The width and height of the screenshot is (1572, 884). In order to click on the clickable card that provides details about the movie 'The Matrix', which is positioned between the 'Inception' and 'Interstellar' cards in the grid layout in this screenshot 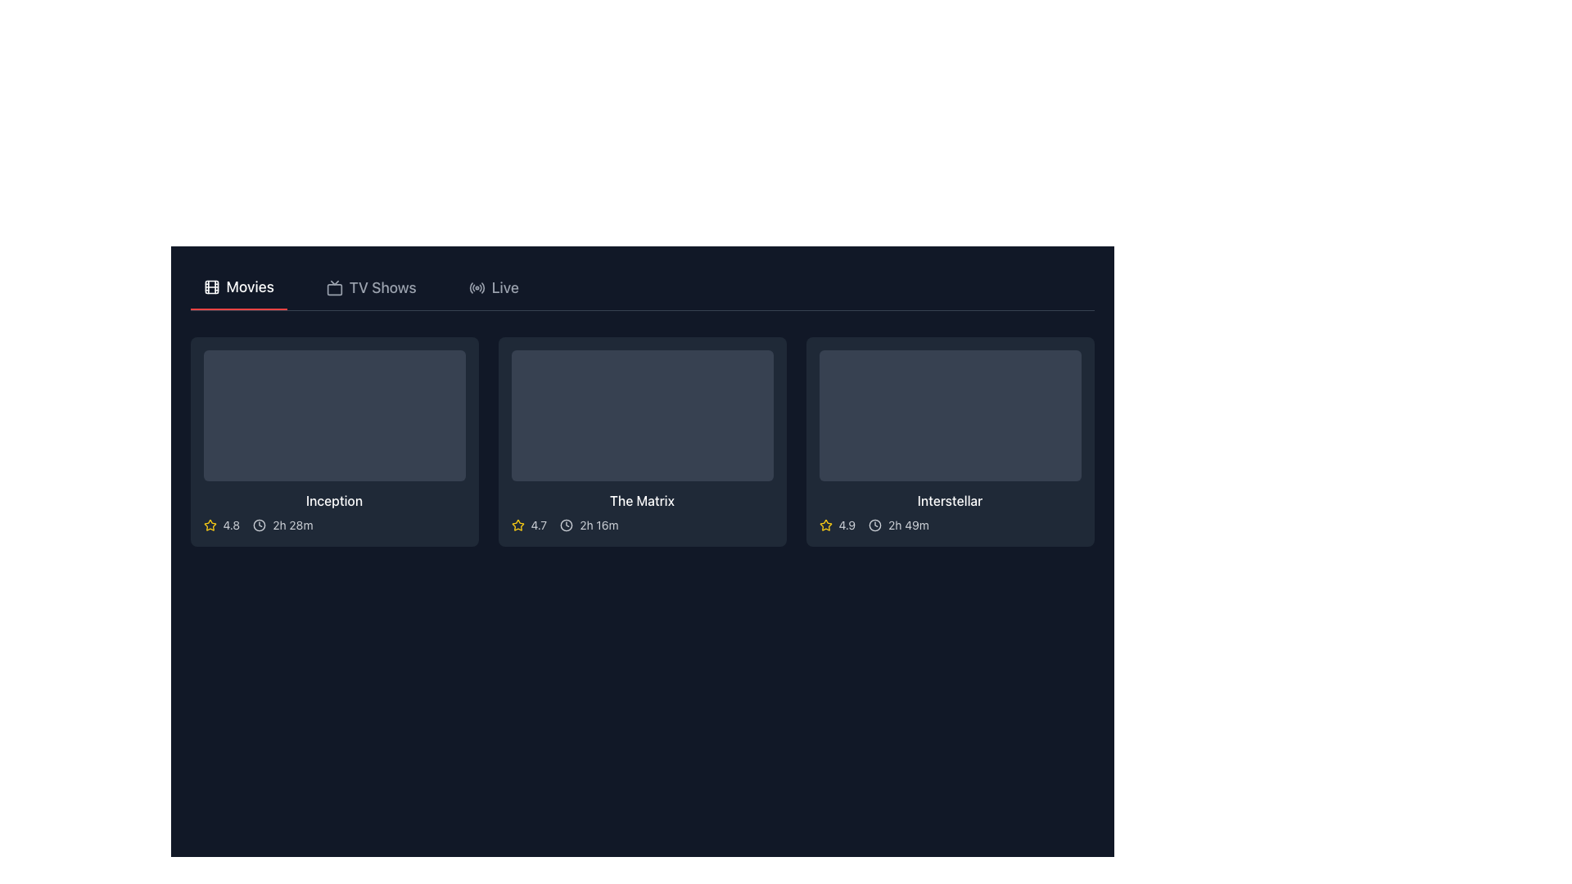, I will do `click(641, 442)`.